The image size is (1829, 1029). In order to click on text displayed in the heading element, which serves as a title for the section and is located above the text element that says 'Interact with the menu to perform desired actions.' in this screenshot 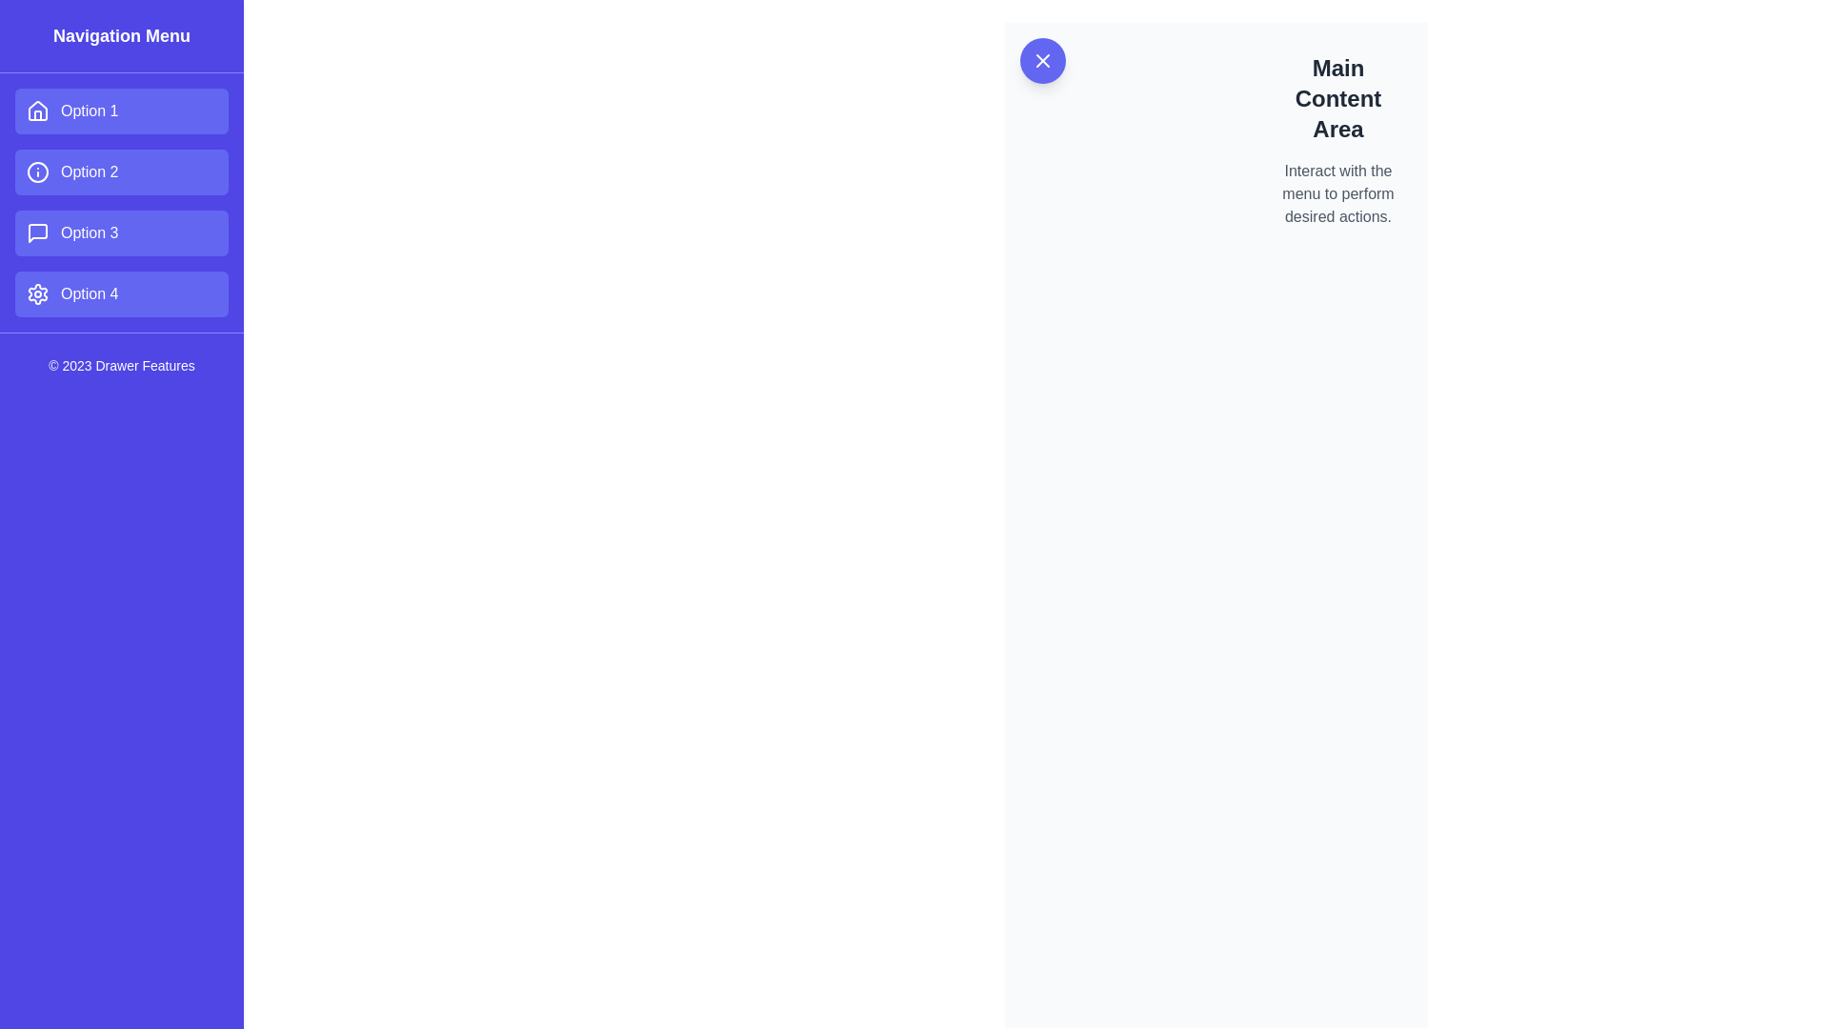, I will do `click(1337, 99)`.